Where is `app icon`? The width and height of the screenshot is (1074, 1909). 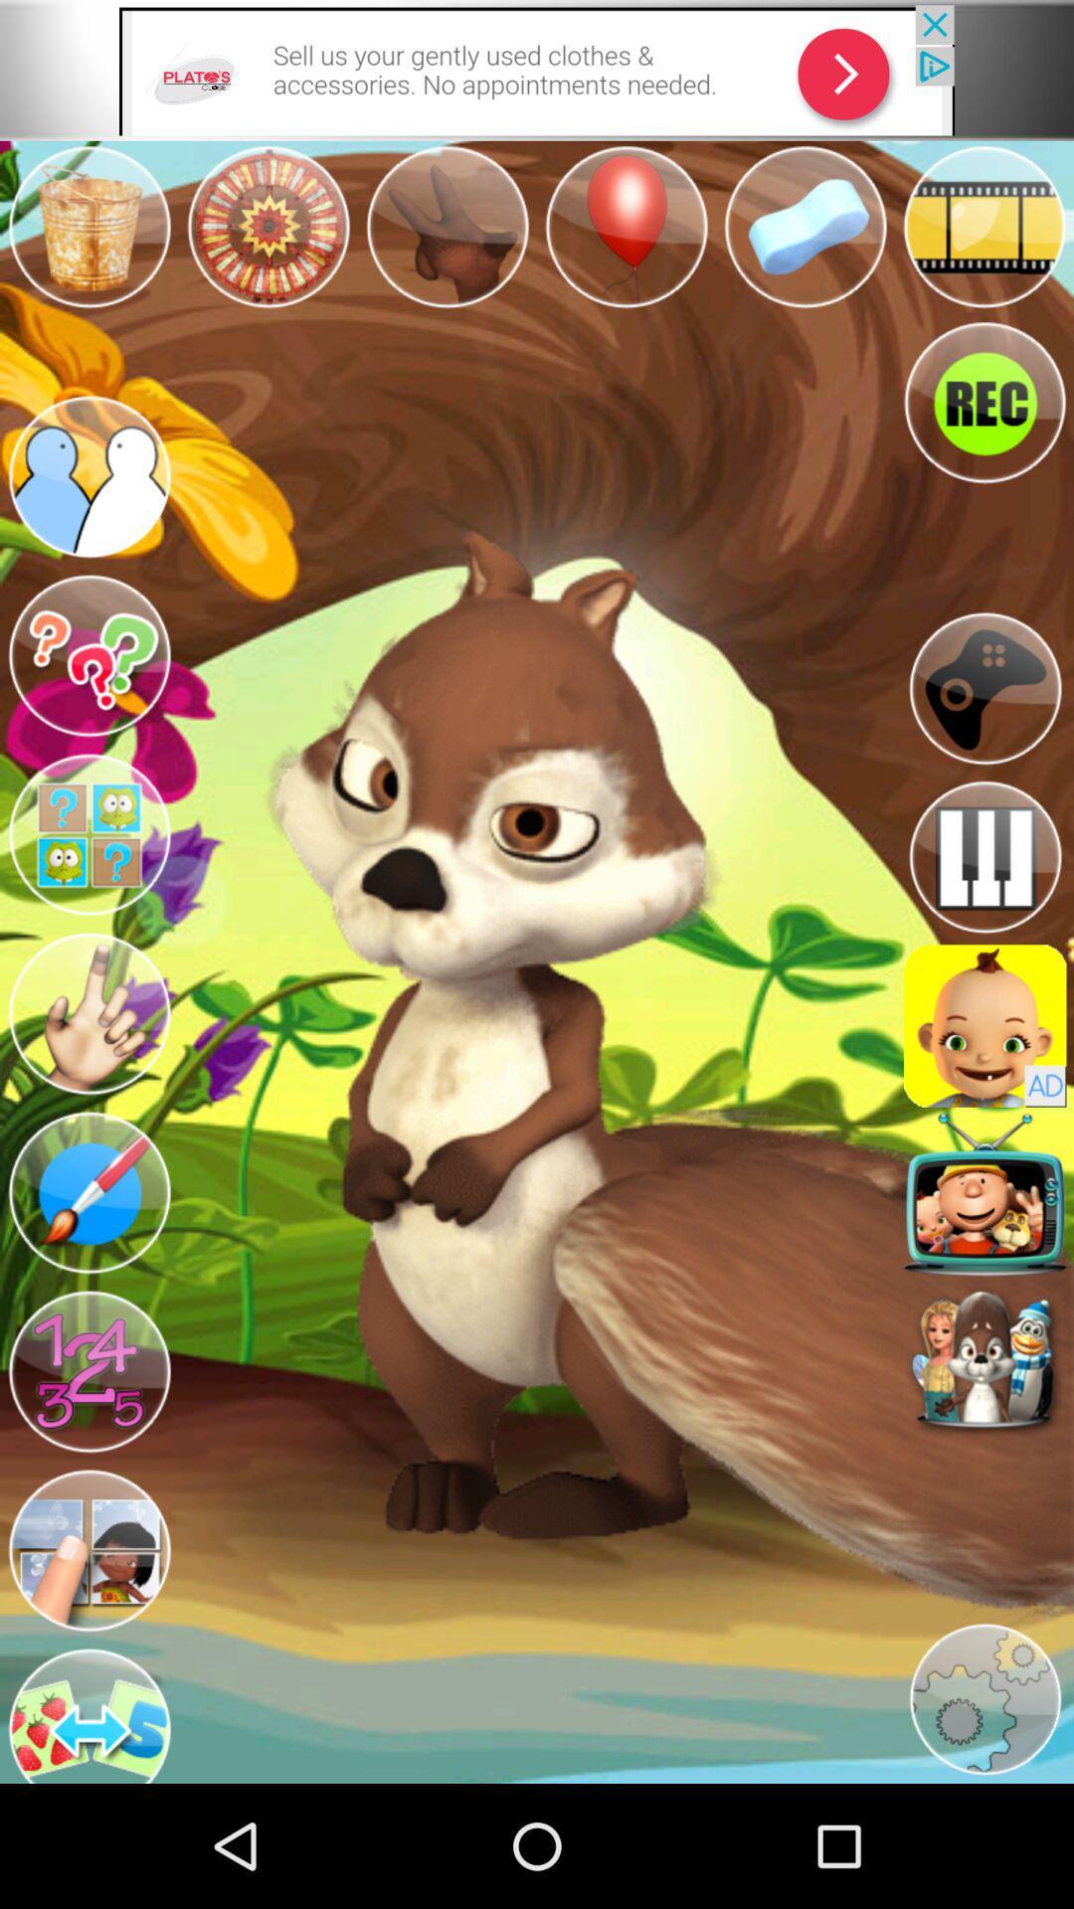
app icon is located at coordinates (984, 1026).